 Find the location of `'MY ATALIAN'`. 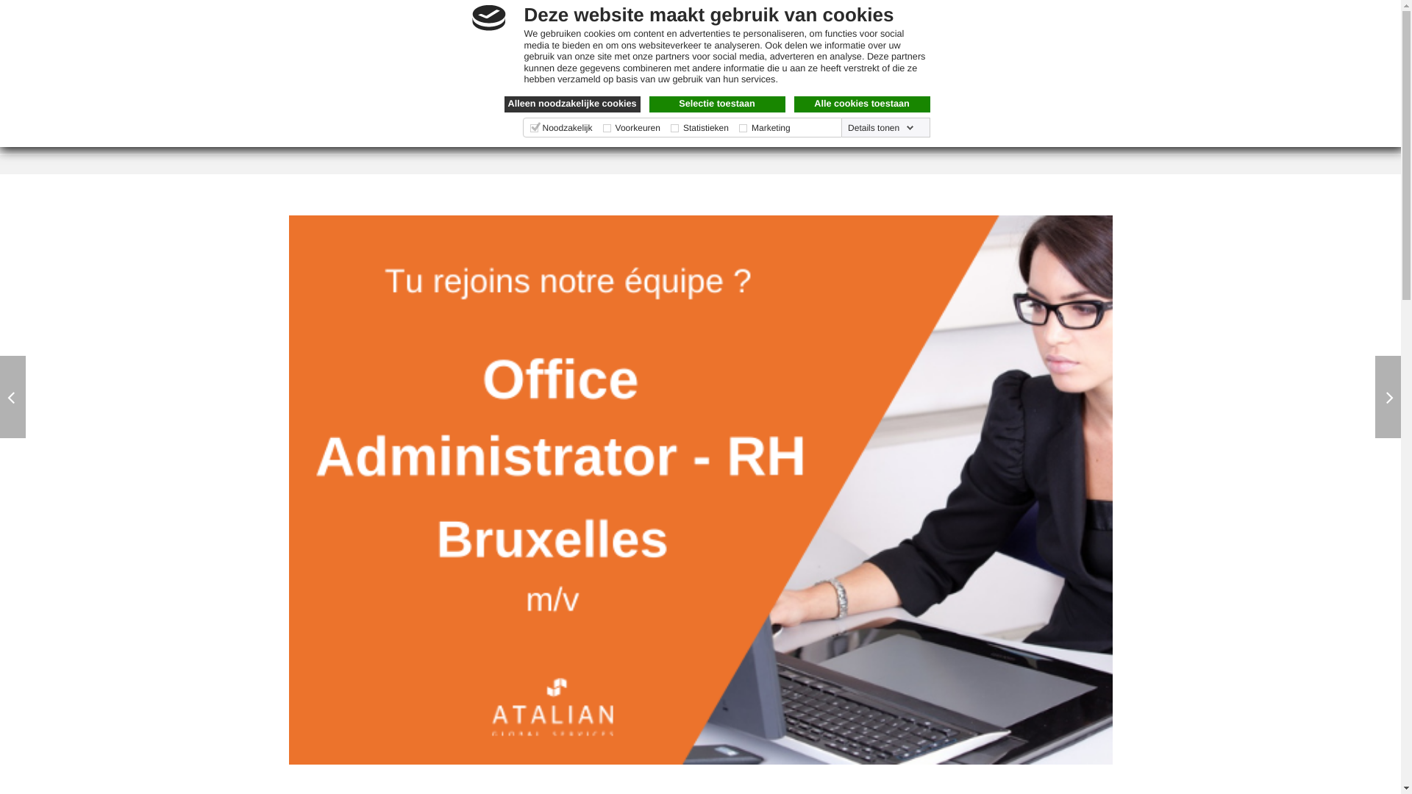

'MY ATALIAN' is located at coordinates (1079, 53).